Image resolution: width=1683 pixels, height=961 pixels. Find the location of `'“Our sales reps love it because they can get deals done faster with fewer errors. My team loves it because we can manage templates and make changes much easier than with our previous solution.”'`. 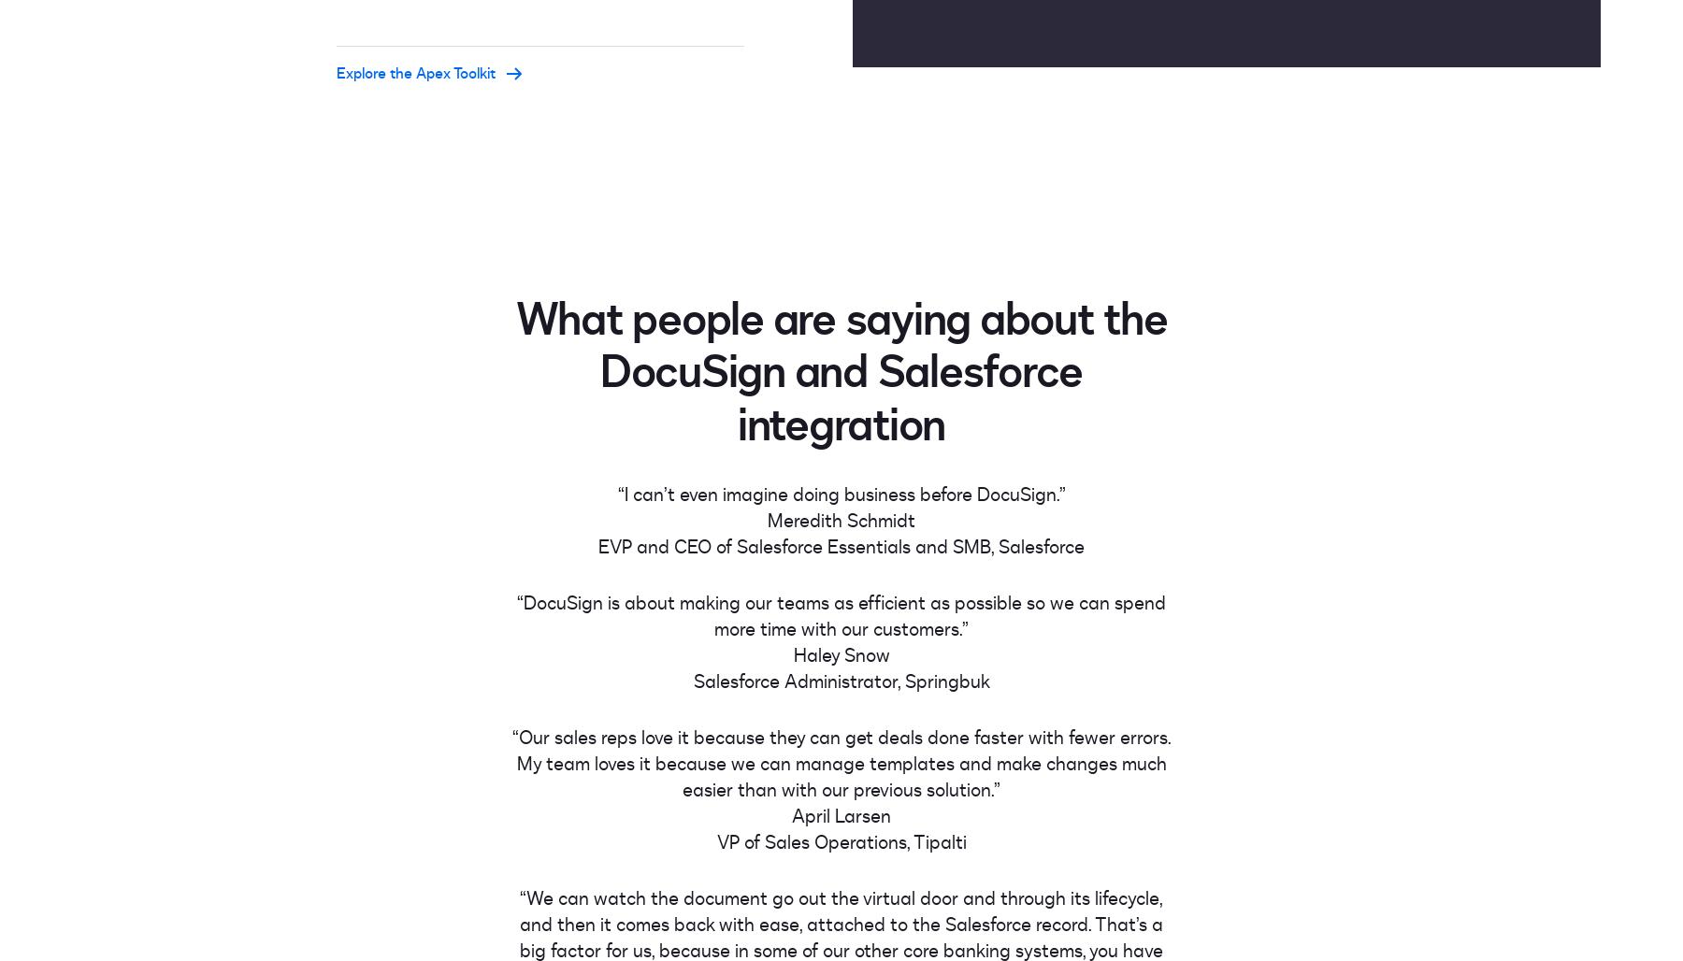

'“Our sales reps love it because they can get deals done faster with fewer errors. My team loves it because we can manage templates and make changes much easier than with our previous solution.”' is located at coordinates (841, 763).